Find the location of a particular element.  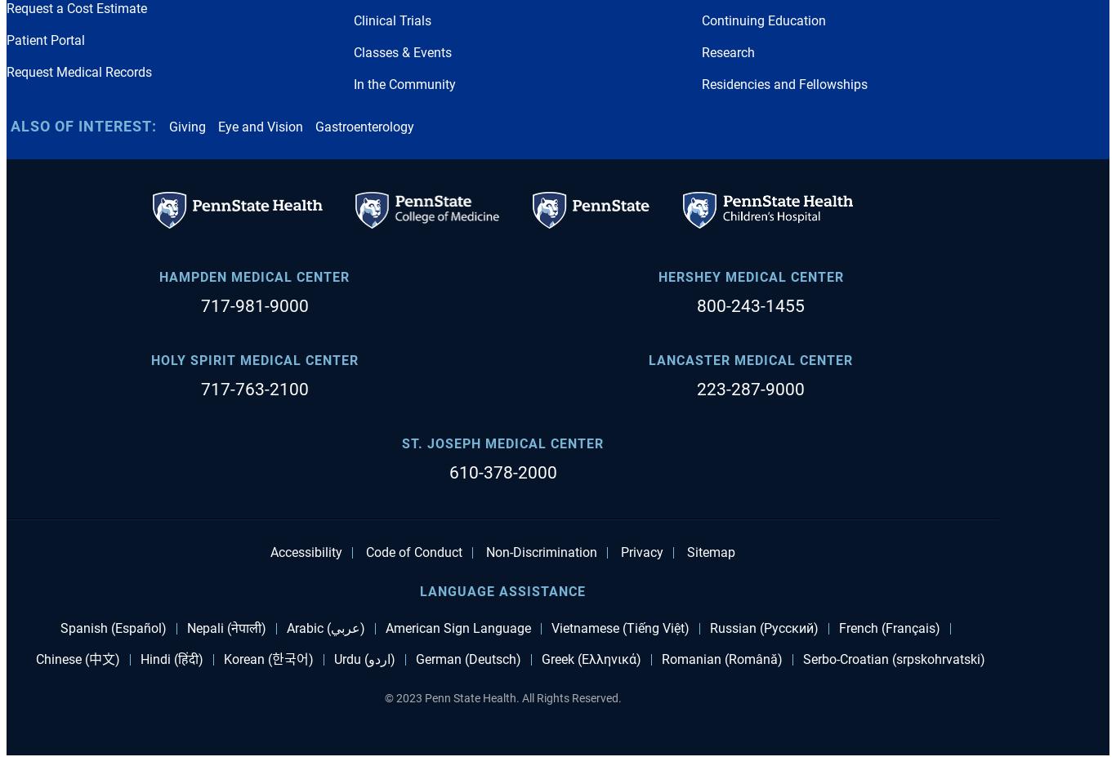

'610-378-2000' is located at coordinates (501, 471).